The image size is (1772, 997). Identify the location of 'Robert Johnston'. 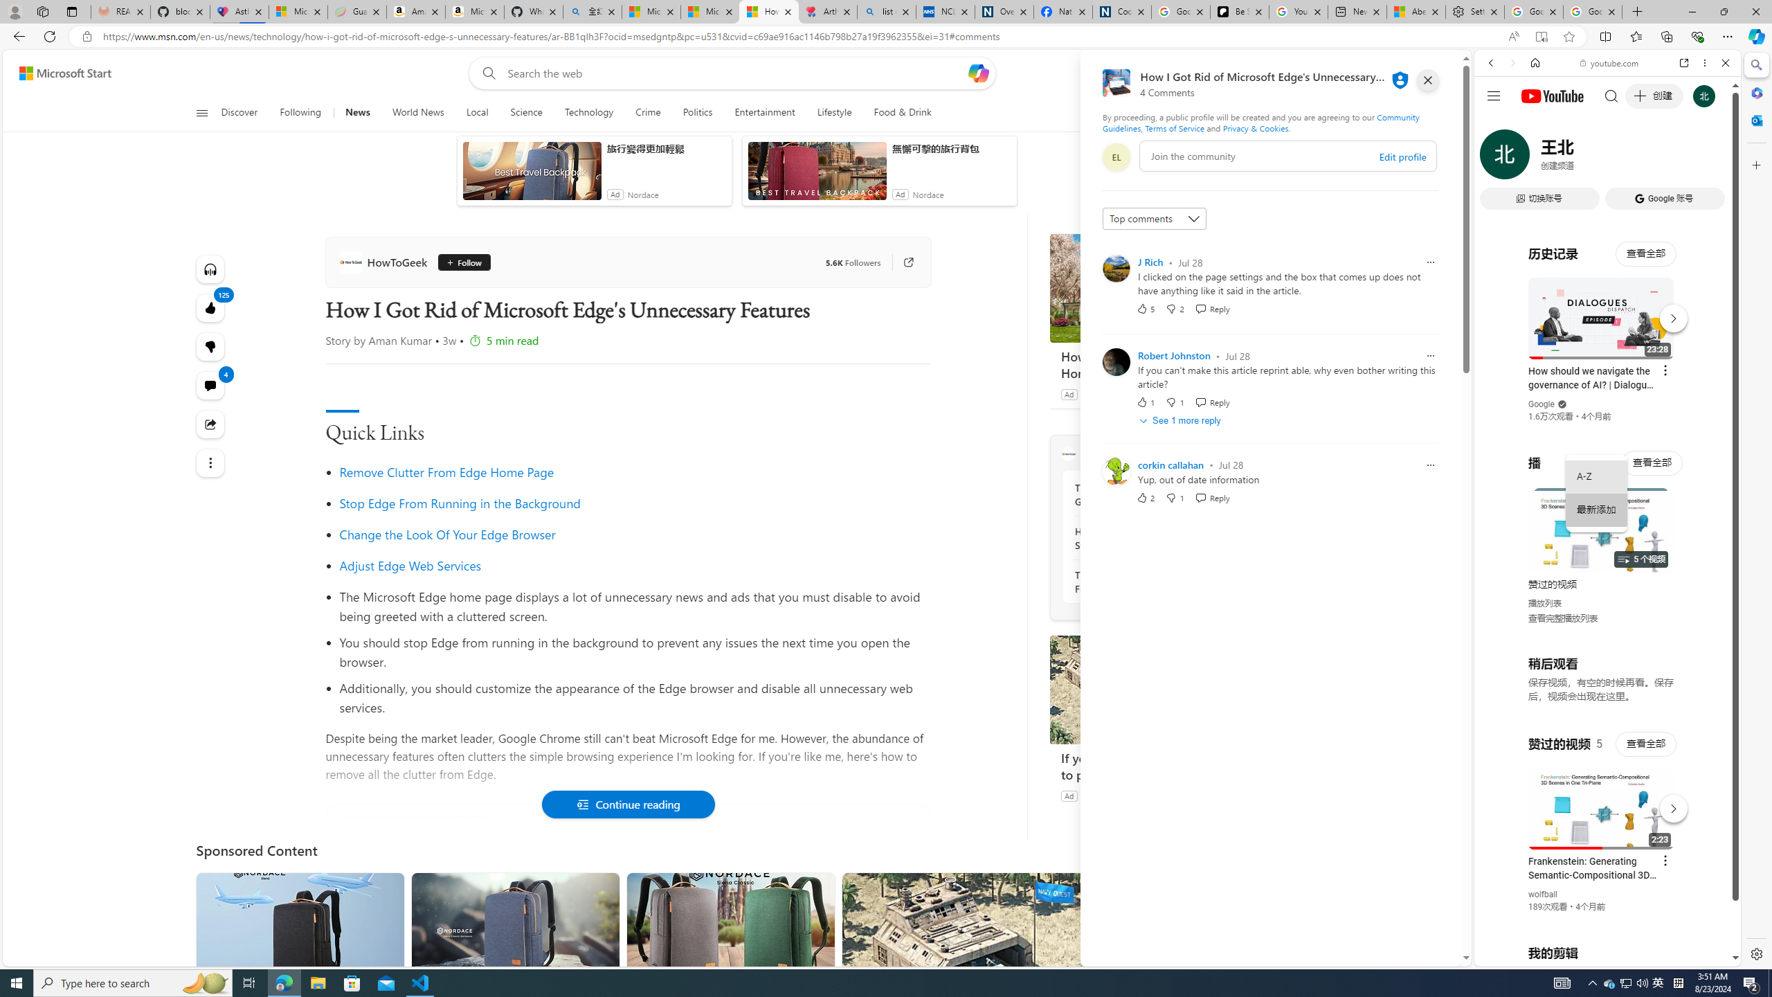
(1173, 355).